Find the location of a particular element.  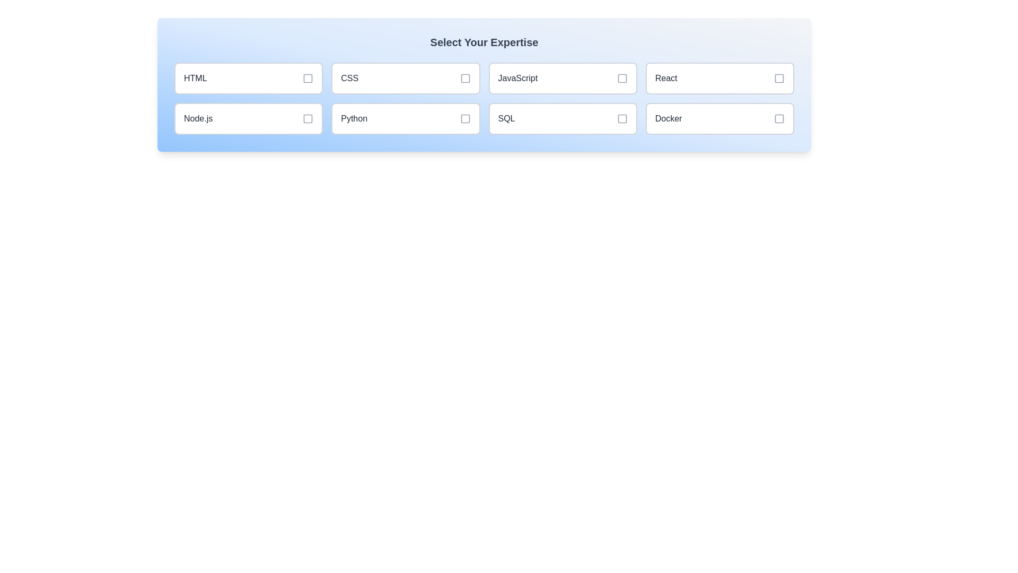

the skill item labeled HTML to toggle its selection state is located at coordinates (248, 77).